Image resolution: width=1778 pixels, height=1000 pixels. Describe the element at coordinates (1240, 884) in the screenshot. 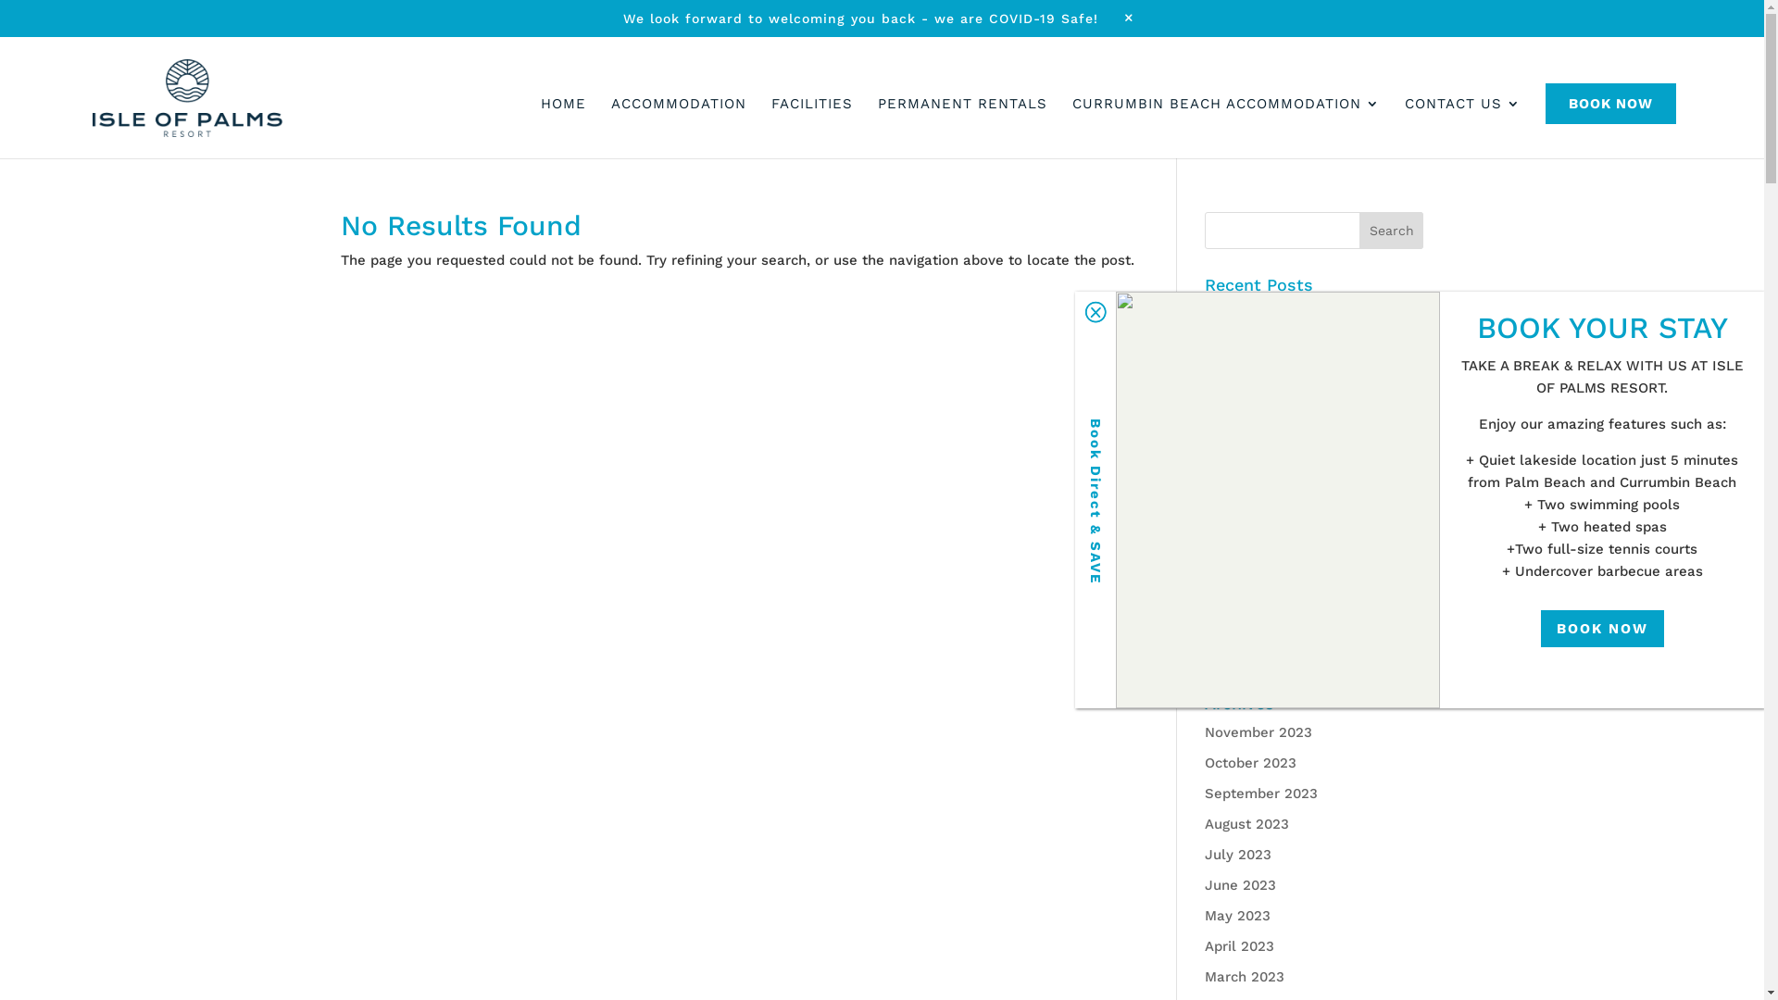

I see `'June 2023'` at that location.